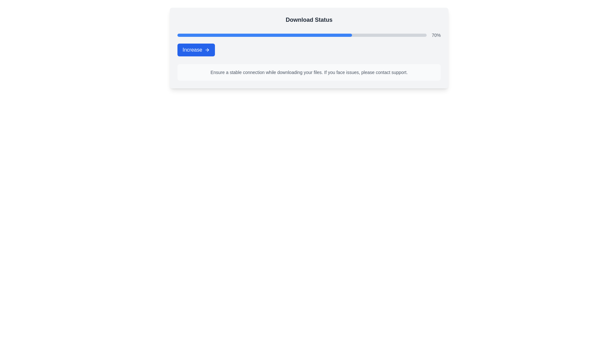 This screenshot has width=615, height=346. I want to click on the icon located to the right of the text inside the 'Increase' button, which is part of the control section beneath the 'Download Status' loading bar, so click(208, 49).